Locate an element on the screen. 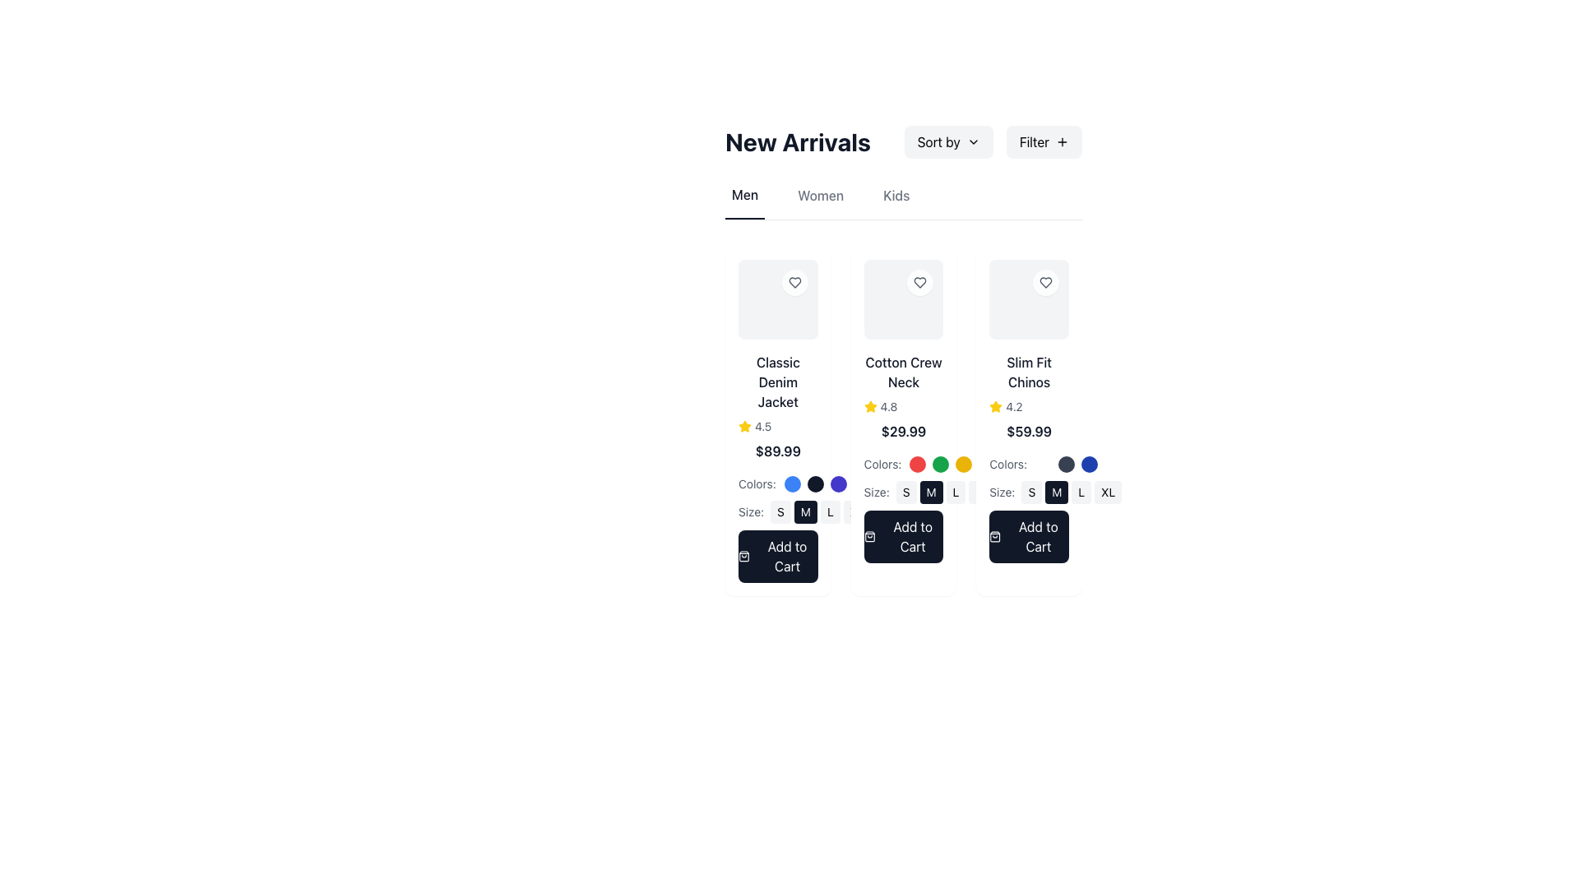 The height and width of the screenshot is (888, 1579). the product card displaying 'Cotton Crew Neck' in the middle column of the 'New Arrivals' section is located at coordinates (903, 420).